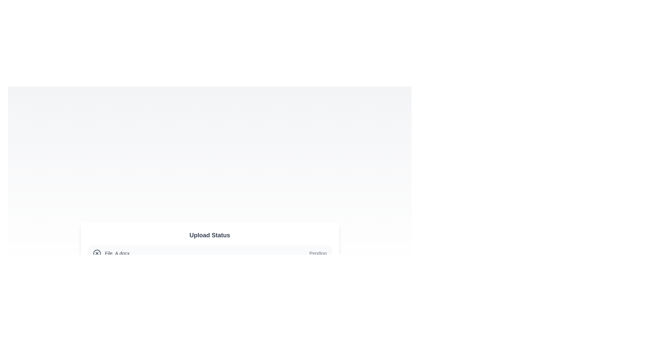 Image resolution: width=645 pixels, height=362 pixels. What do you see at coordinates (96, 253) in the screenshot?
I see `the circular icon with an 'X' mark that is located adjacent to the 'File_A.docx' text in the file upload section` at bounding box center [96, 253].